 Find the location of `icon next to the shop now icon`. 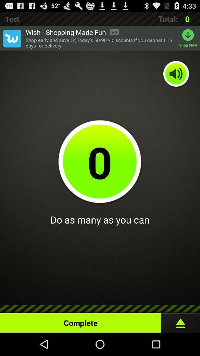

icon next to the shop now icon is located at coordinates (100, 43).